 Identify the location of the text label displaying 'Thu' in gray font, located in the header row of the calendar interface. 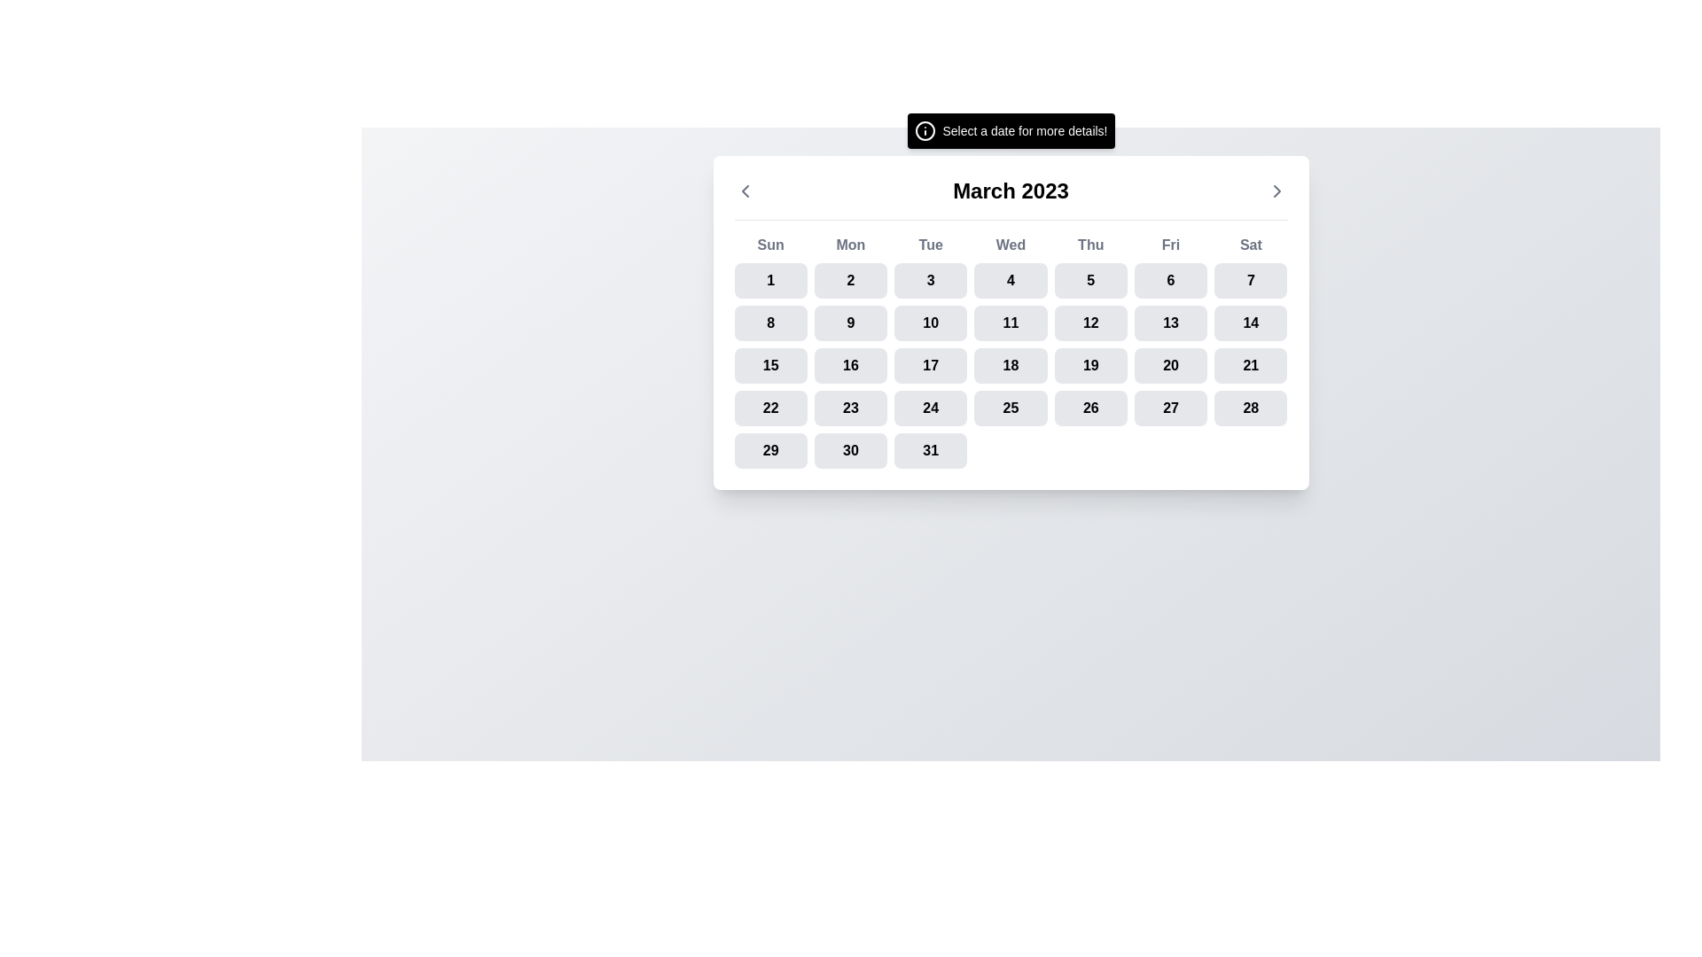
(1089, 245).